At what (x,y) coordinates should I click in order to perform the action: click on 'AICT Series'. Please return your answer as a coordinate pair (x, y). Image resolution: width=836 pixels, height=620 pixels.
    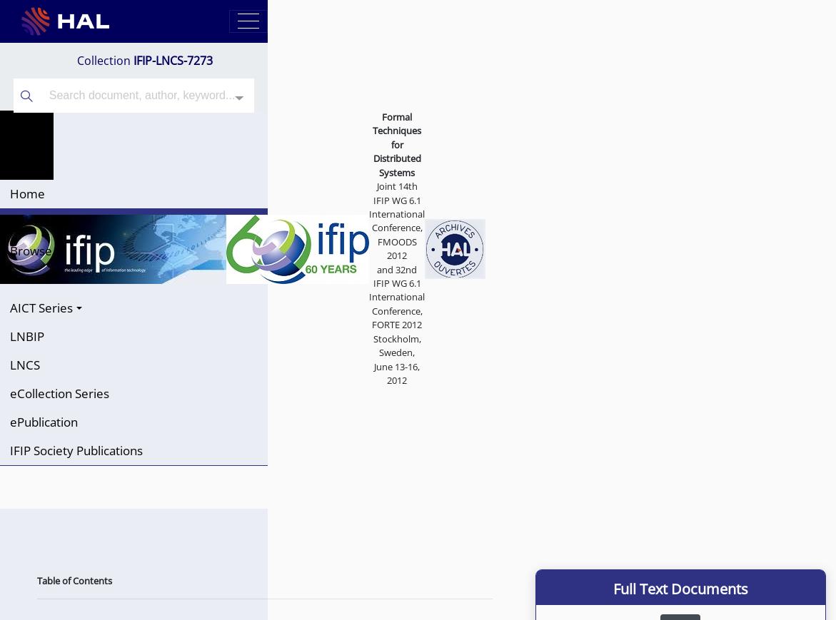
    Looking at the image, I should click on (10, 307).